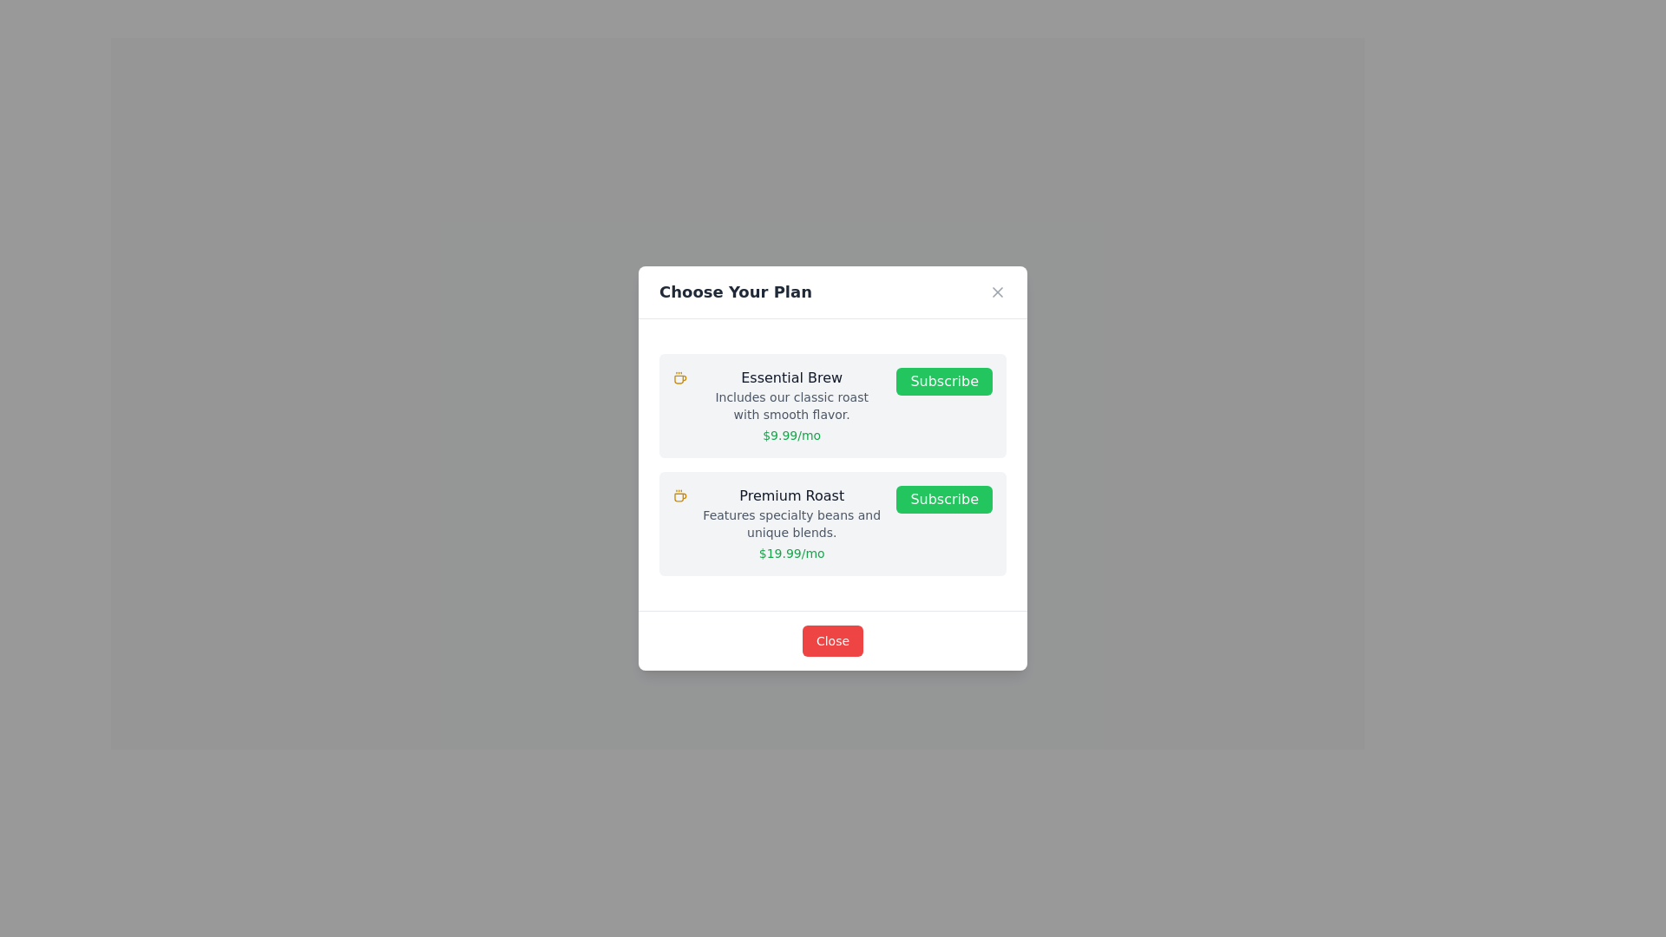 Image resolution: width=1666 pixels, height=937 pixels. Describe the element at coordinates (790, 523) in the screenshot. I see `the text label that says 'Features specialty beans and unique blends.', which is styled in gray and located below the bold text 'Premium Roast'` at that location.